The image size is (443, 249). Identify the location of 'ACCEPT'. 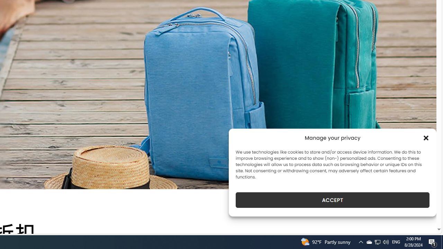
(333, 200).